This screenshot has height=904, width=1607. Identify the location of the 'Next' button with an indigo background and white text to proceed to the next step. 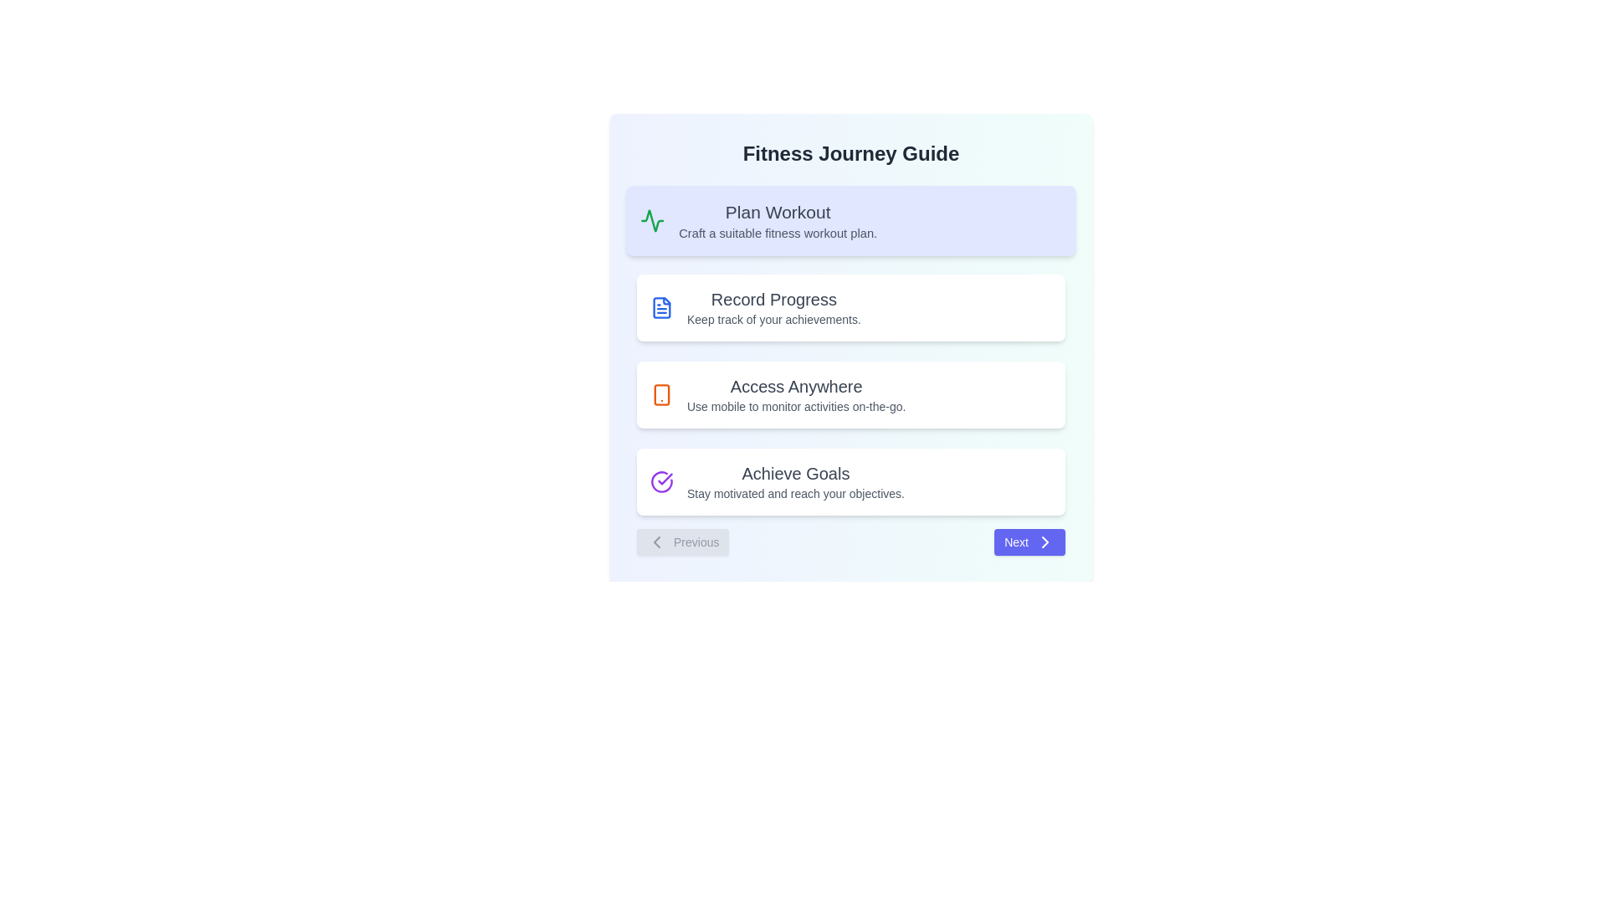
(1029, 542).